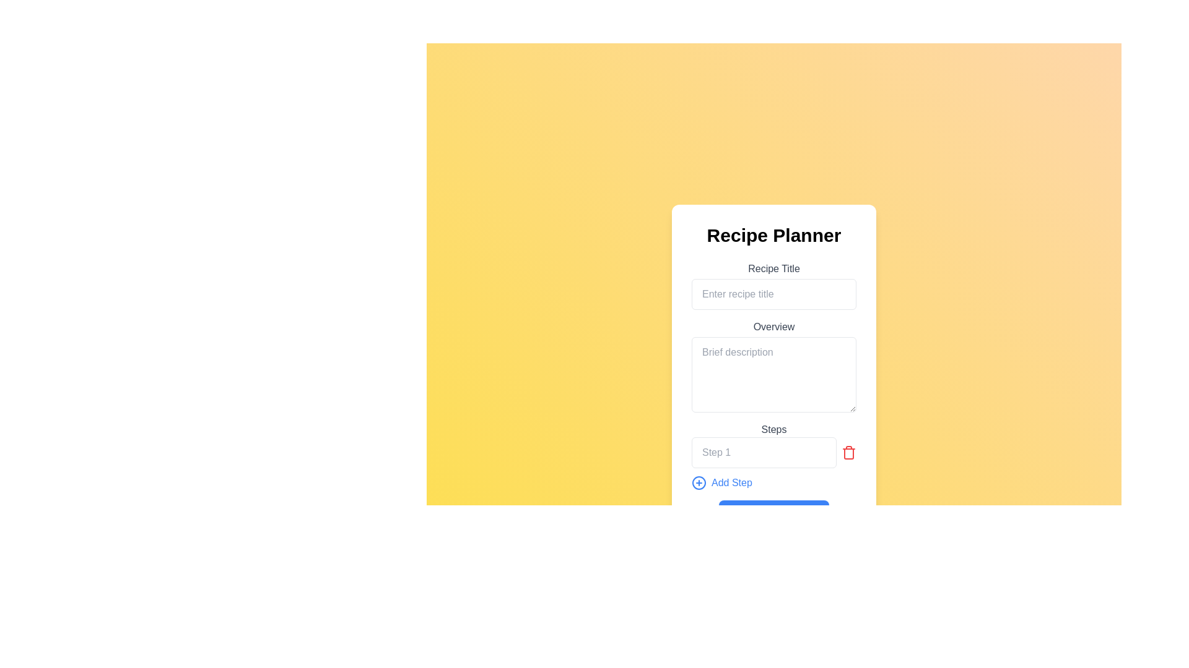 This screenshot has height=668, width=1189. I want to click on the save button located below the recipe form, so click(773, 515).